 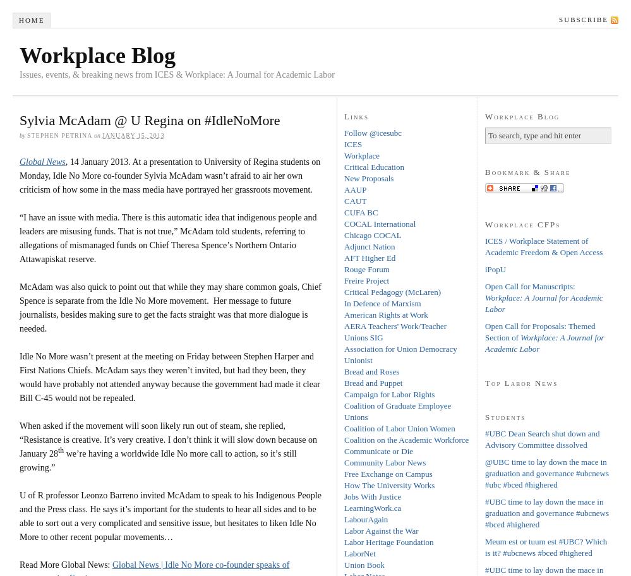 I want to click on 'LabourAgain', so click(x=366, y=518).